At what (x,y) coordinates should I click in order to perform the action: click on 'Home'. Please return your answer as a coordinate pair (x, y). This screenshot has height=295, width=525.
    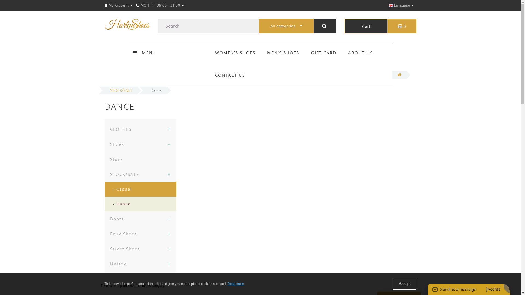
    Looking at the image, I should click on (399, 75).